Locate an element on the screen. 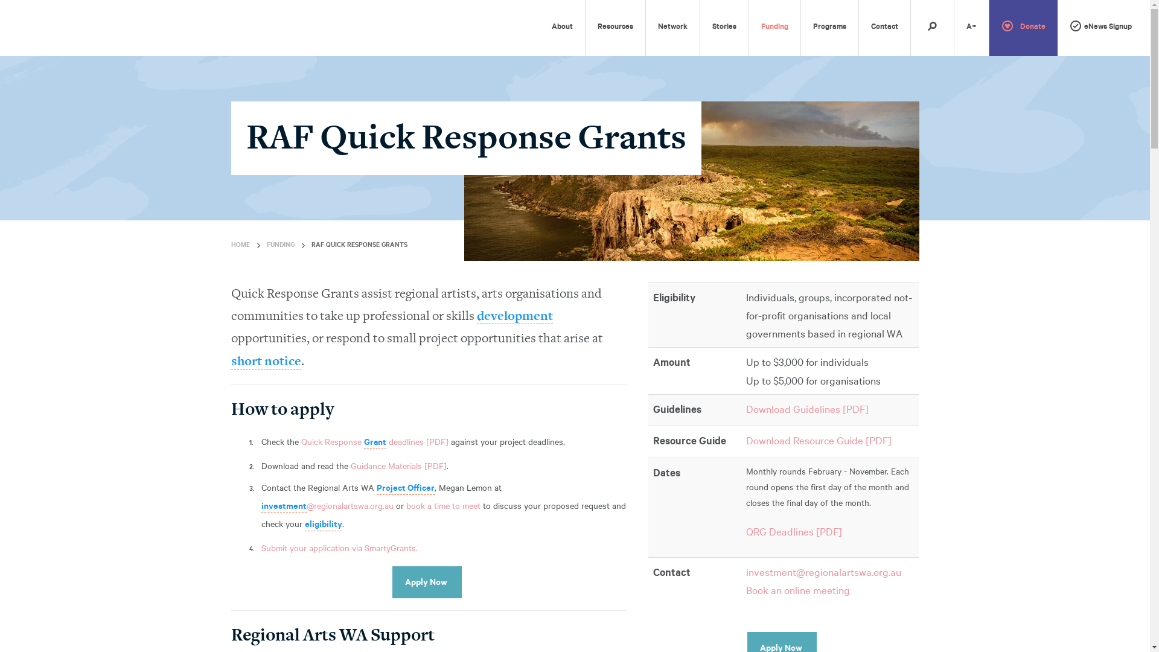 The height and width of the screenshot is (652, 1159). 'Donate' is located at coordinates (1023, 27).